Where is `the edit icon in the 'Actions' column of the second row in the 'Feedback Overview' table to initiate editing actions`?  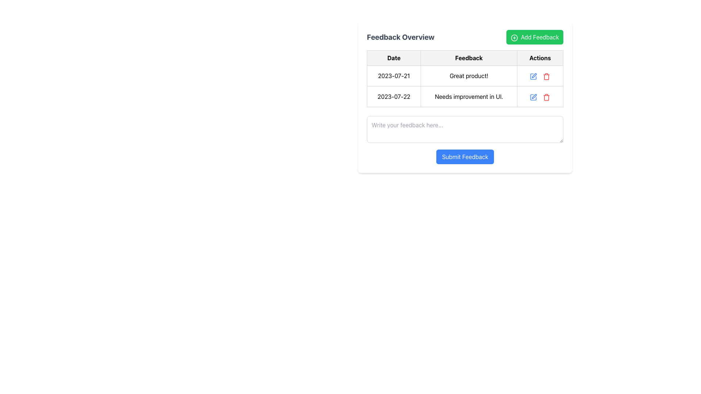
the edit icon in the 'Actions' column of the second row in the 'Feedback Overview' table to initiate editing actions is located at coordinates (533, 97).